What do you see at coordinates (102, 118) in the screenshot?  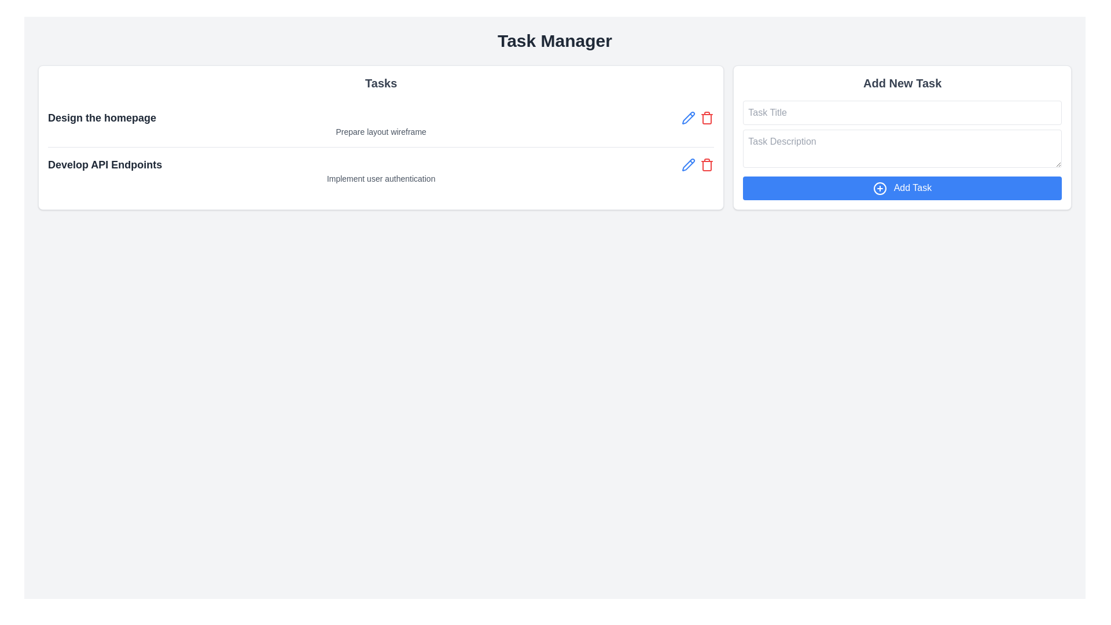 I see `the bold, dark-colored static text that reads 'Design the homepage', which is the first item in a list of tasks` at bounding box center [102, 118].